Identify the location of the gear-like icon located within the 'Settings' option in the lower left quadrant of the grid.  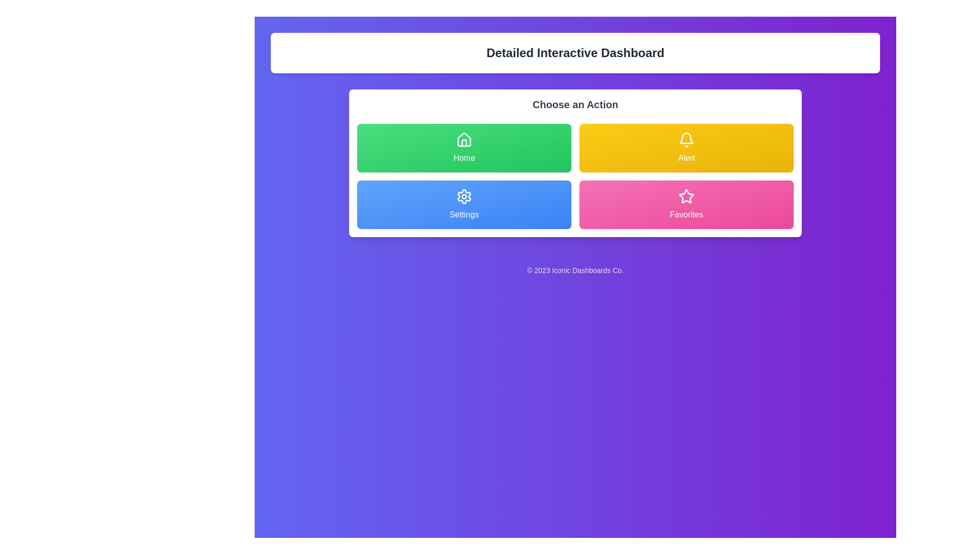
(463, 197).